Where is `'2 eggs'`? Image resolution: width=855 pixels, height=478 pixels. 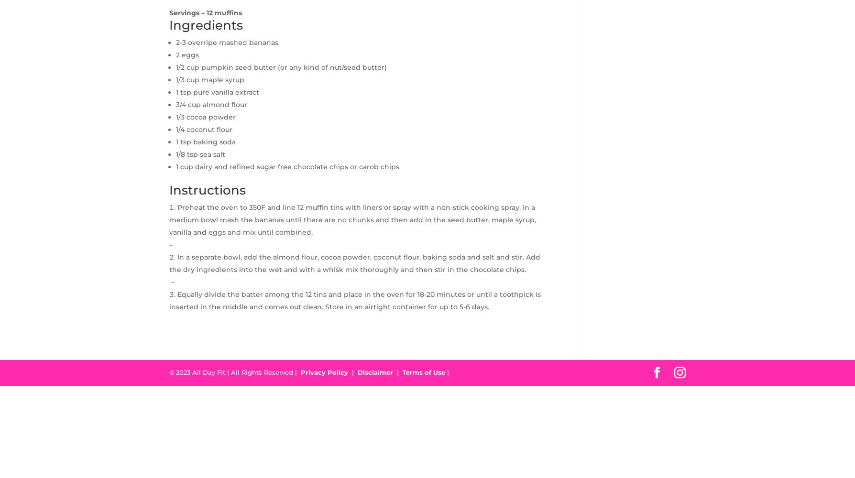
'2 eggs' is located at coordinates (186, 54).